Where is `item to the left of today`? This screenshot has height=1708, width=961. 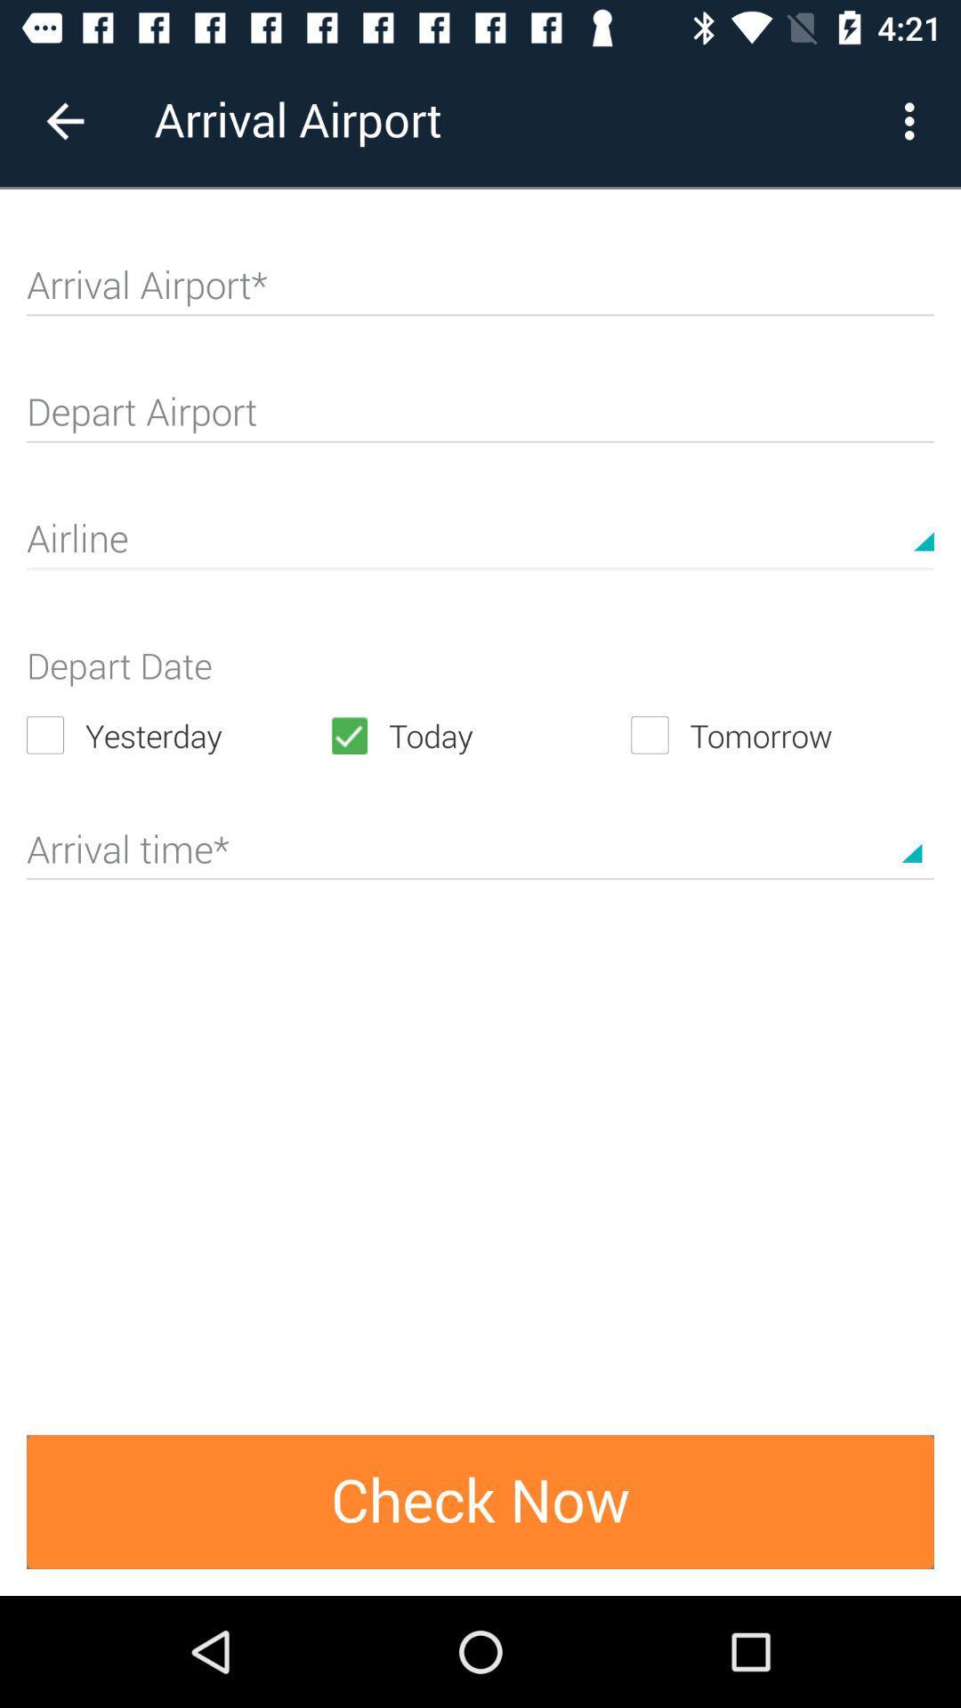
item to the left of today is located at coordinates (177, 735).